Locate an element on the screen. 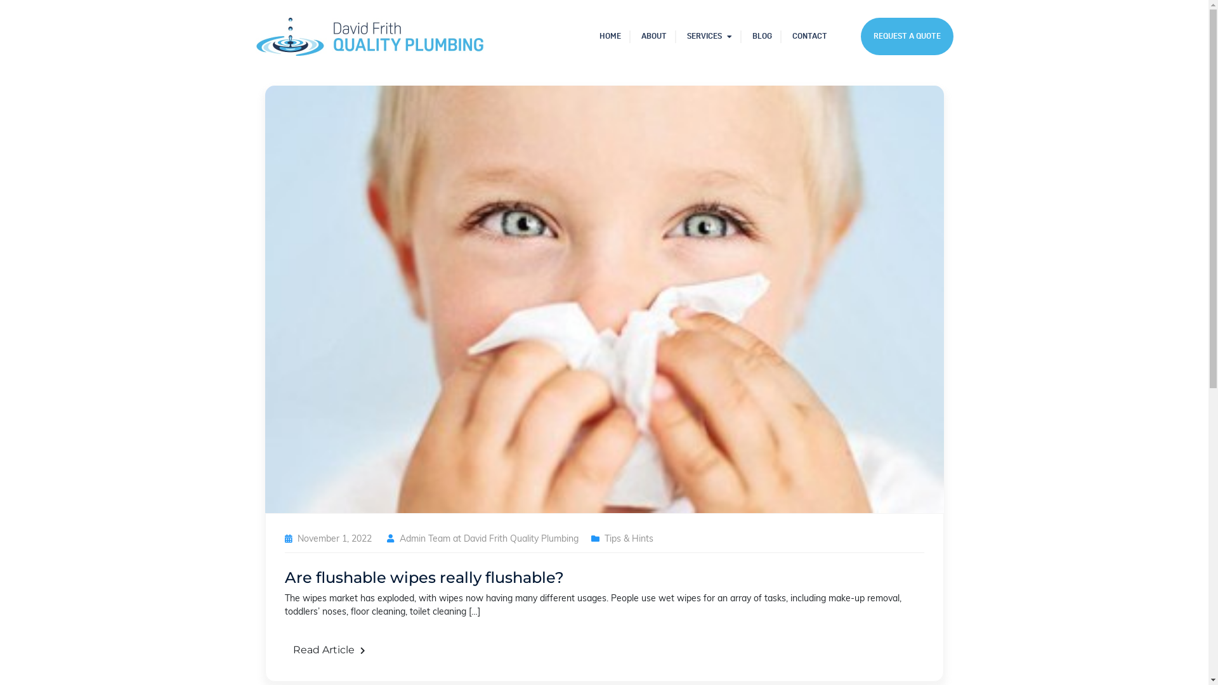 This screenshot has height=685, width=1218. 'CONTACT' is located at coordinates (808, 36).